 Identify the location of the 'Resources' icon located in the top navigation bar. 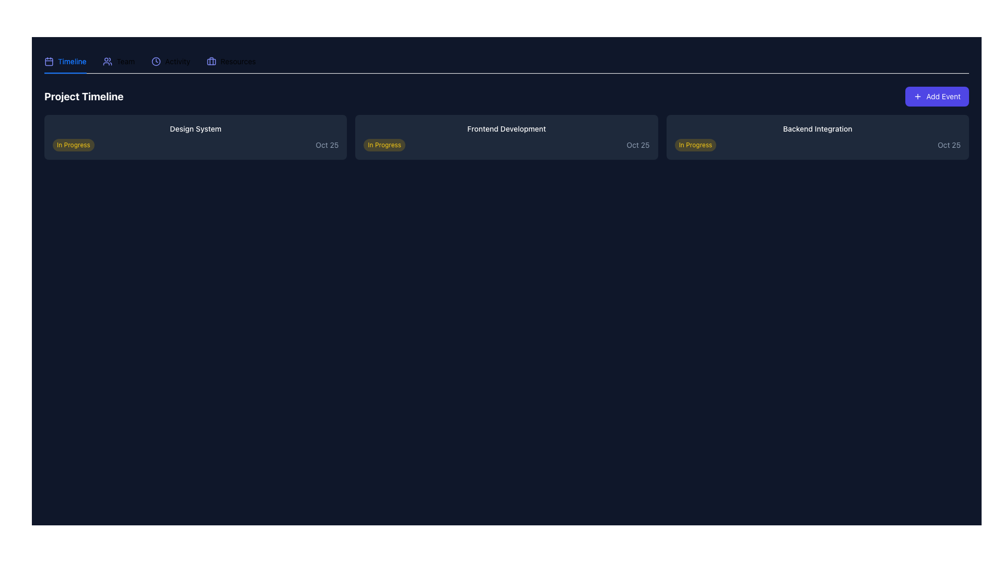
(211, 62).